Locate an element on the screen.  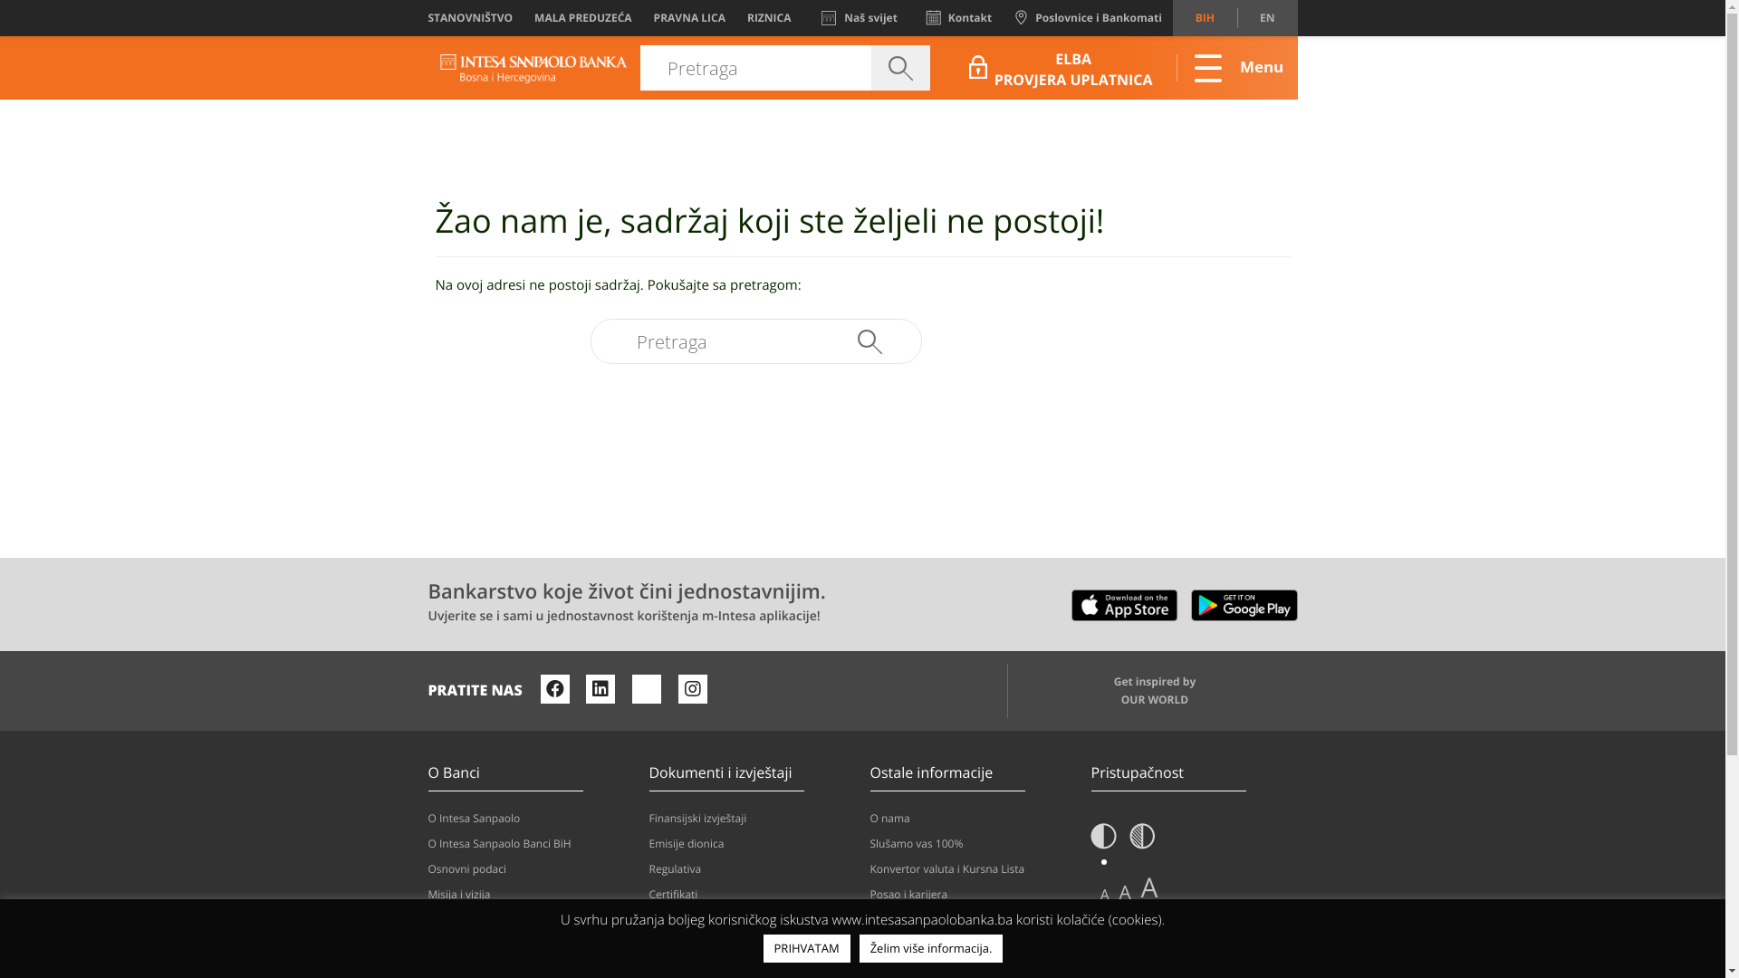
'Konvertor valuta i Kursna Lista' is located at coordinates (972, 868).